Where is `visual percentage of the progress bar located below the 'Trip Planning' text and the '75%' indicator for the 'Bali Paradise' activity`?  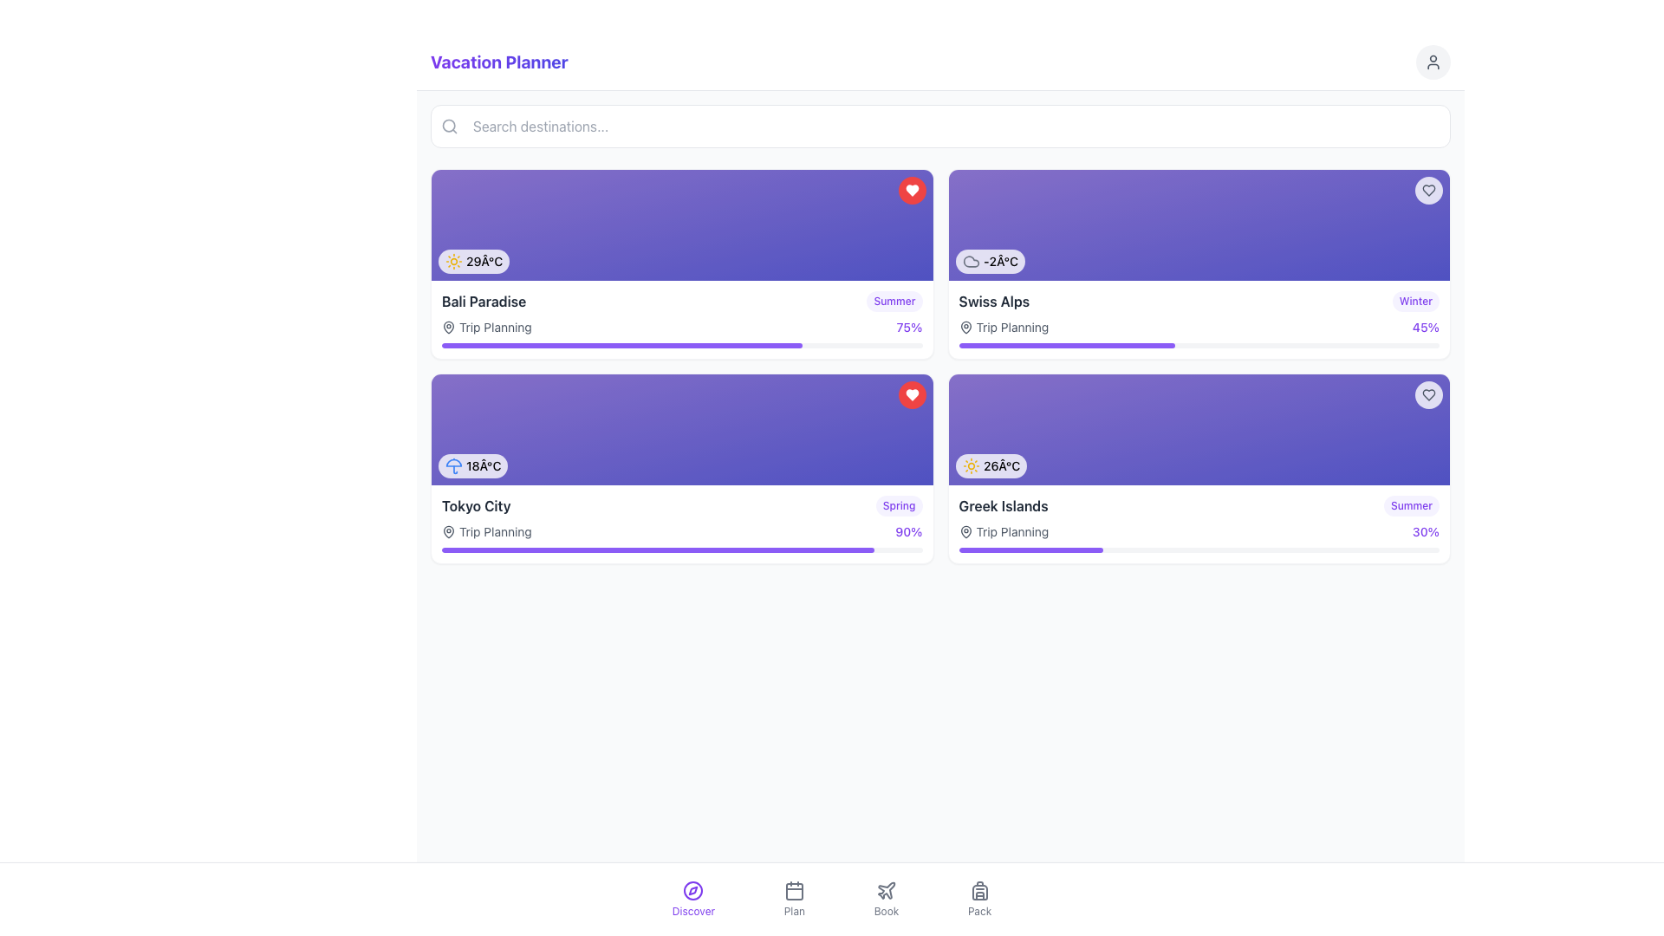 visual percentage of the progress bar located below the 'Trip Planning' text and the '75%' indicator for the 'Bali Paradise' activity is located at coordinates (681, 345).